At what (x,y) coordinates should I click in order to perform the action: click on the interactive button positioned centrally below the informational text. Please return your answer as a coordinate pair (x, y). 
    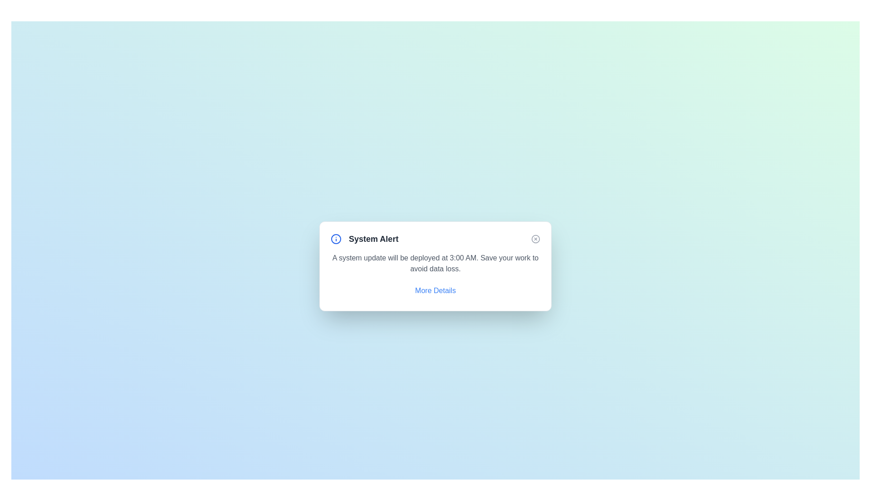
    Looking at the image, I should click on (435, 290).